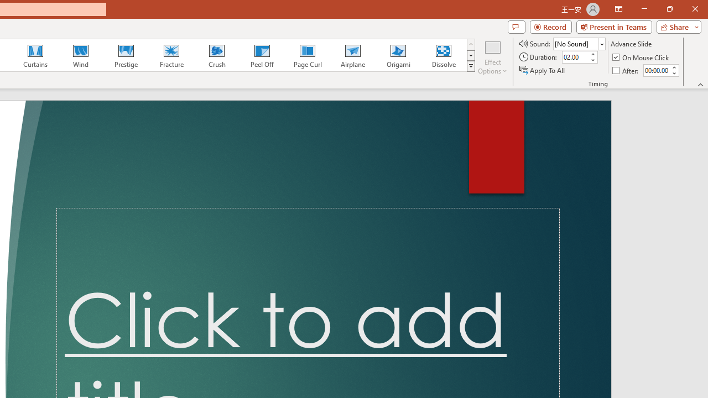  Describe the element at coordinates (170, 55) in the screenshot. I see `'Fracture'` at that location.